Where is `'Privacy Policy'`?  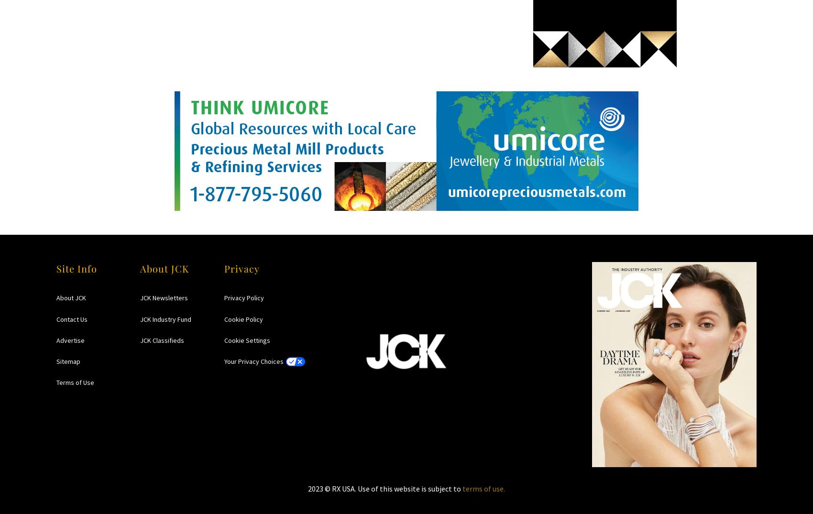
'Privacy Policy' is located at coordinates (243, 297).